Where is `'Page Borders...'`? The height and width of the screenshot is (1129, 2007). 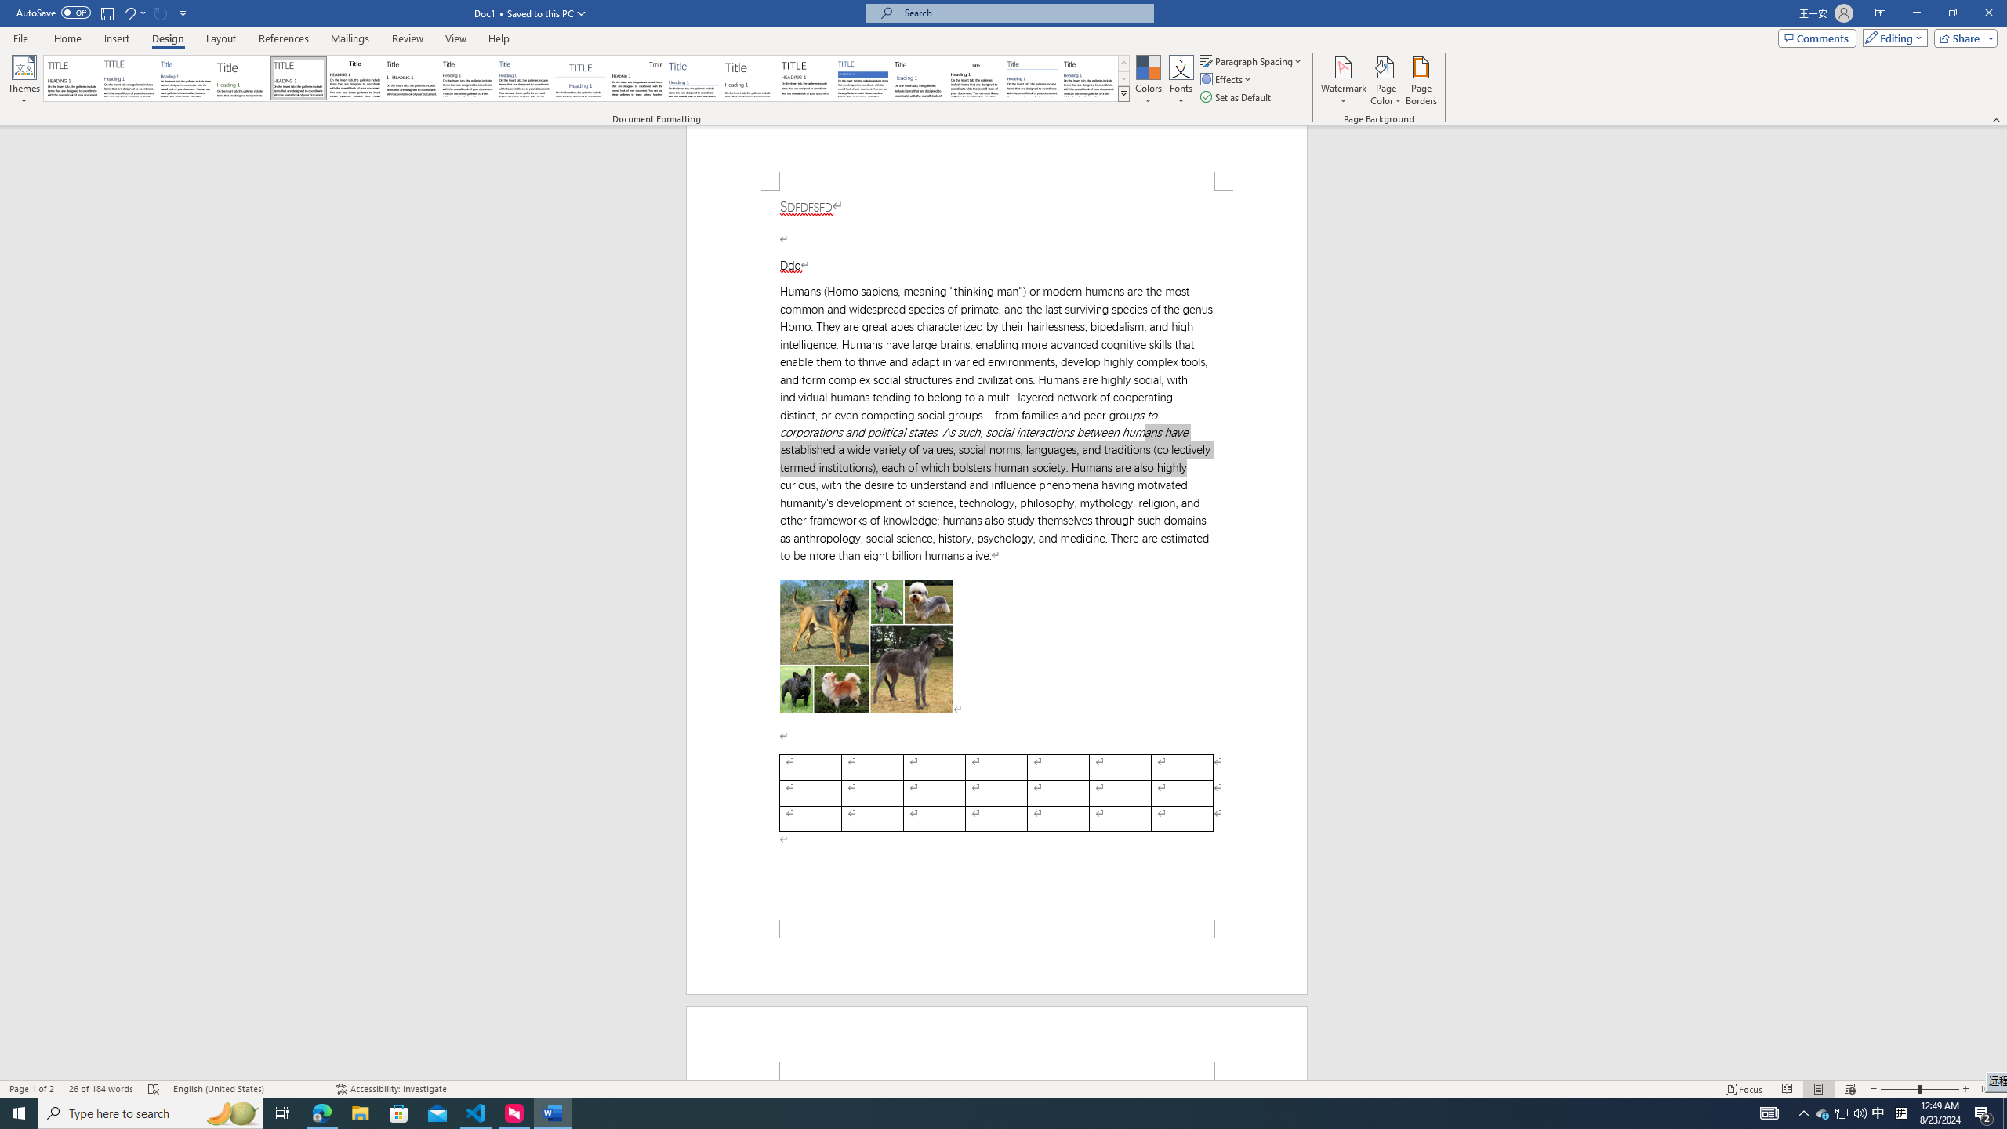
'Page Borders...' is located at coordinates (1421, 81).